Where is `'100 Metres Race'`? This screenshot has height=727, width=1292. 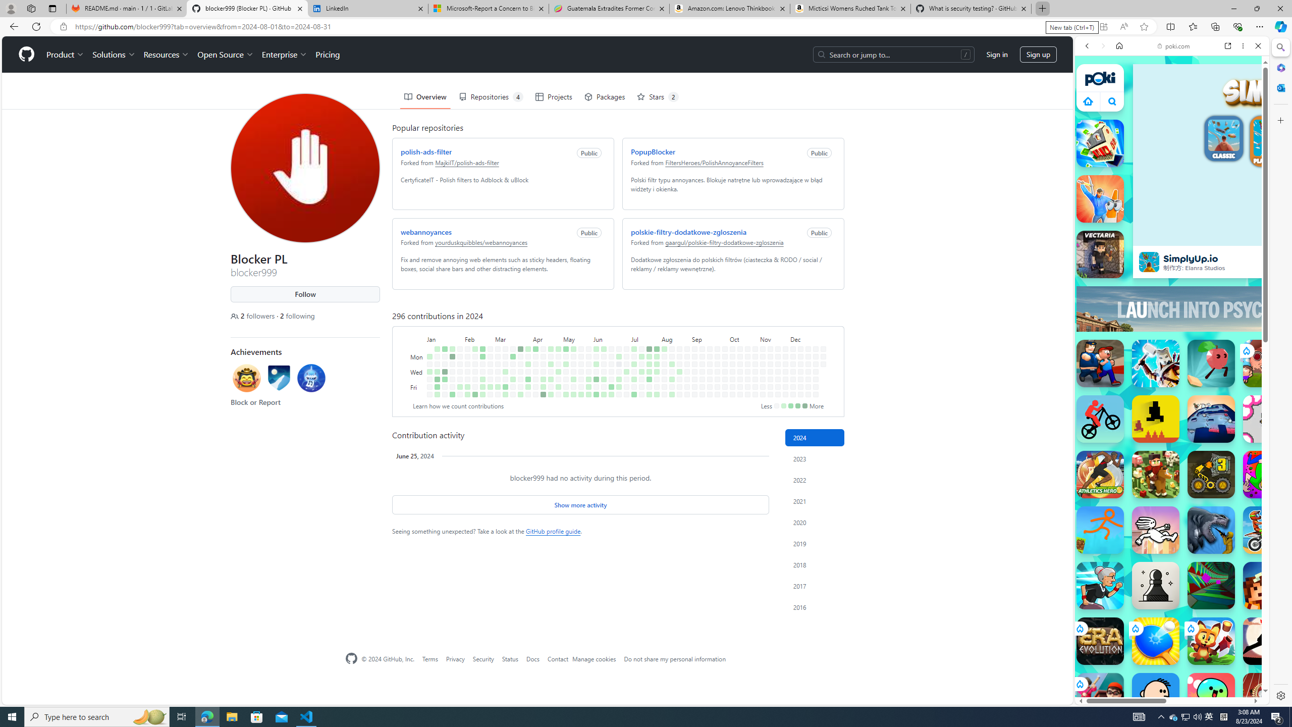 '100 Metres Race' is located at coordinates (1267, 696).